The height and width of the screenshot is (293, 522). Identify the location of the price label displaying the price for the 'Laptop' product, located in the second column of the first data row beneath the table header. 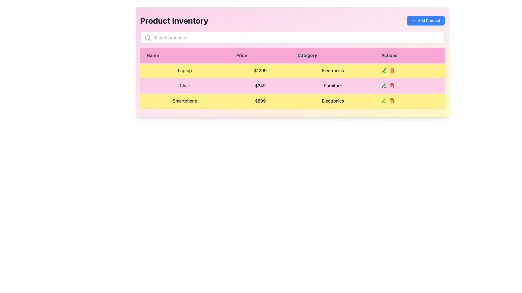
(260, 70).